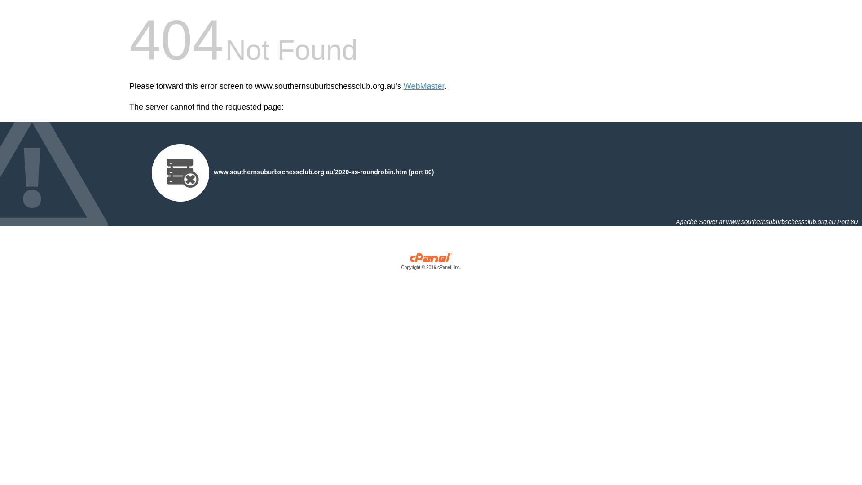  Describe the element at coordinates (423, 86) in the screenshot. I see `'WebMaster'` at that location.